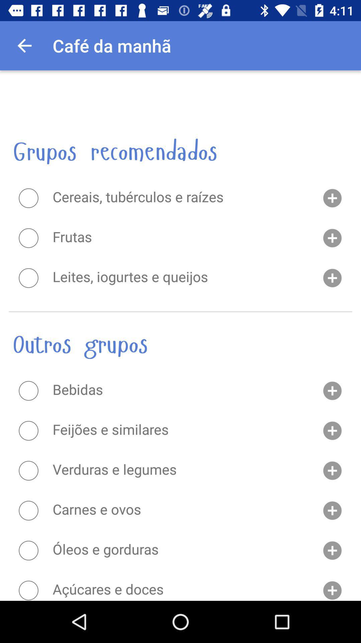  I want to click on an option from the list outros grupos, so click(28, 590).